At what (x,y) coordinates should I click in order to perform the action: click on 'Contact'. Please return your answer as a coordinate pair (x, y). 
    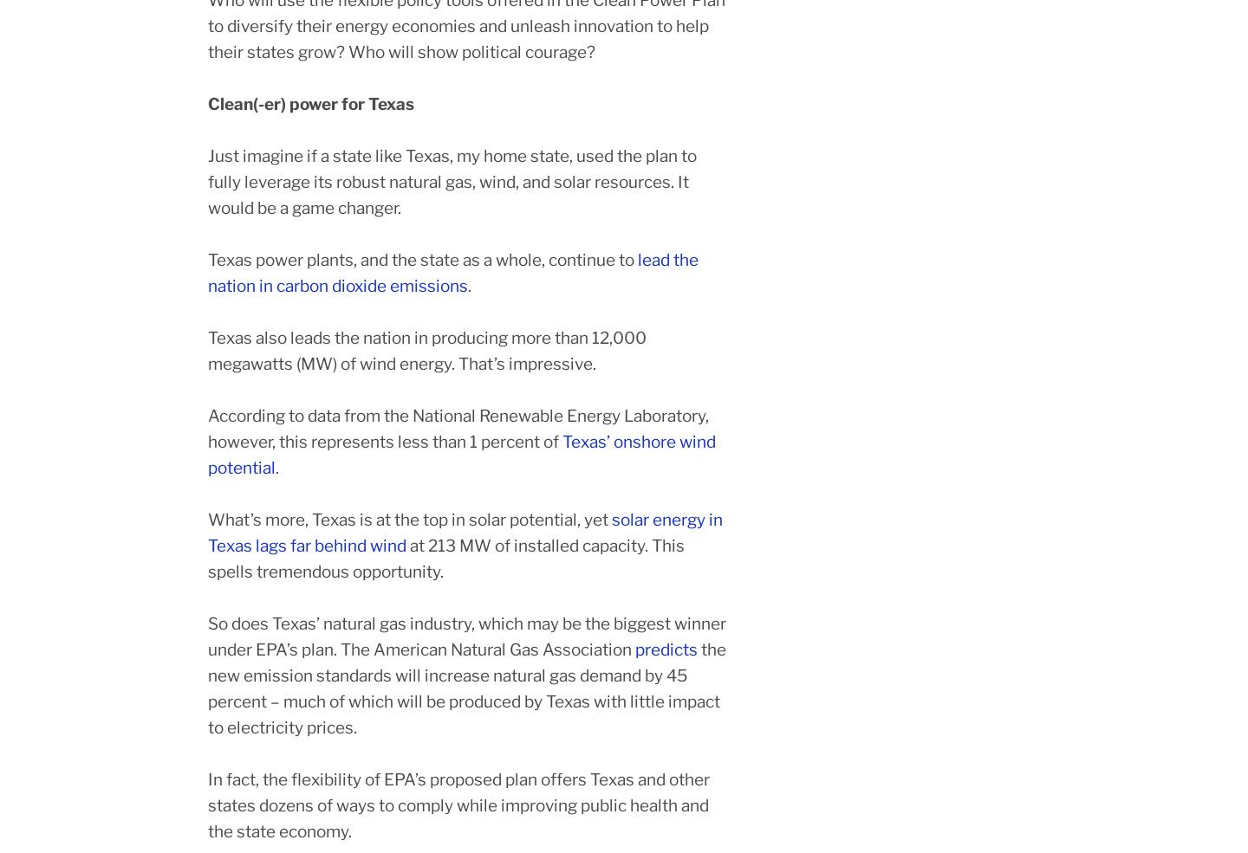
    Looking at the image, I should click on (944, 699).